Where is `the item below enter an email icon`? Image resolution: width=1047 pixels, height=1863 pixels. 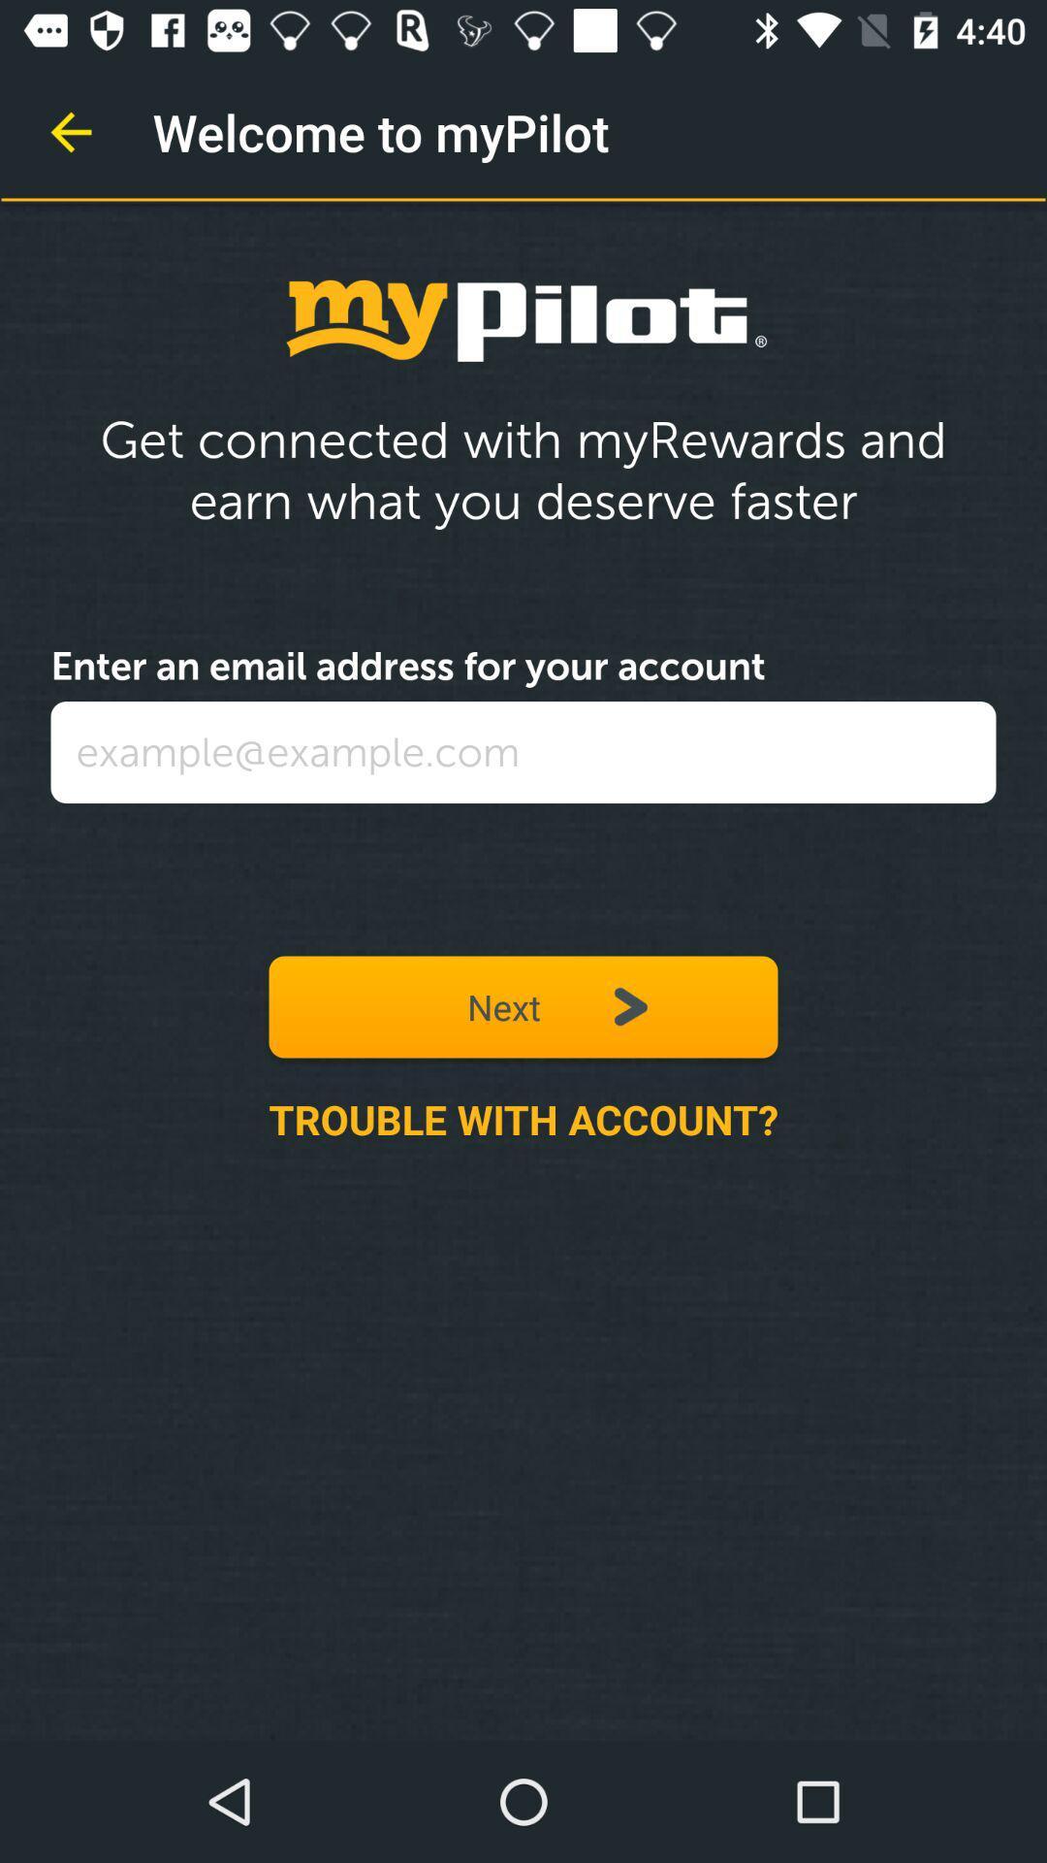 the item below enter an email icon is located at coordinates (523, 751).